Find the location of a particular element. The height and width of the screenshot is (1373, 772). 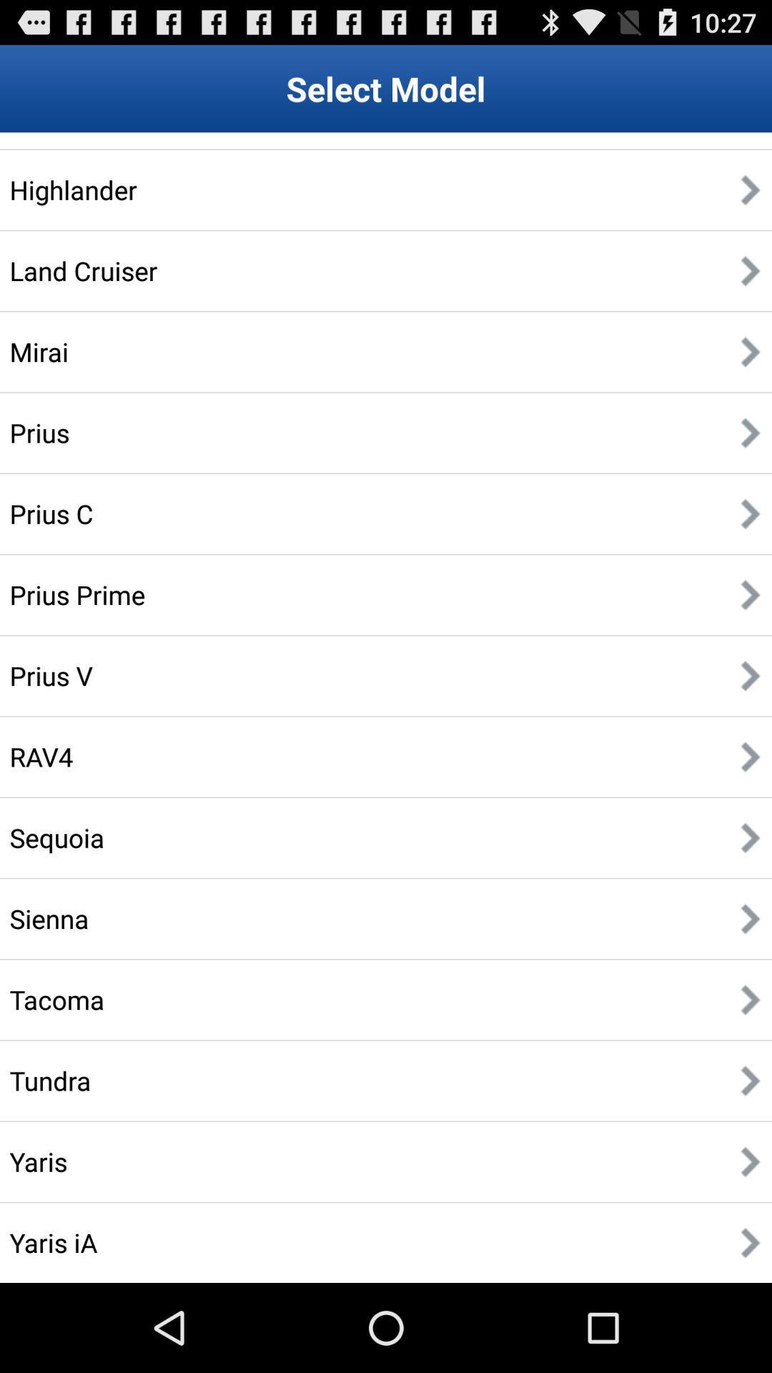

the rav4 is located at coordinates (41, 756).